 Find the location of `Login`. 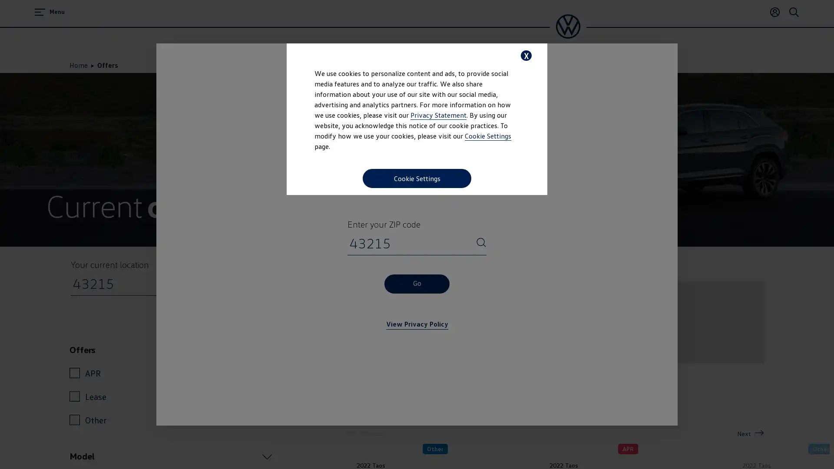

Login is located at coordinates (775, 12).